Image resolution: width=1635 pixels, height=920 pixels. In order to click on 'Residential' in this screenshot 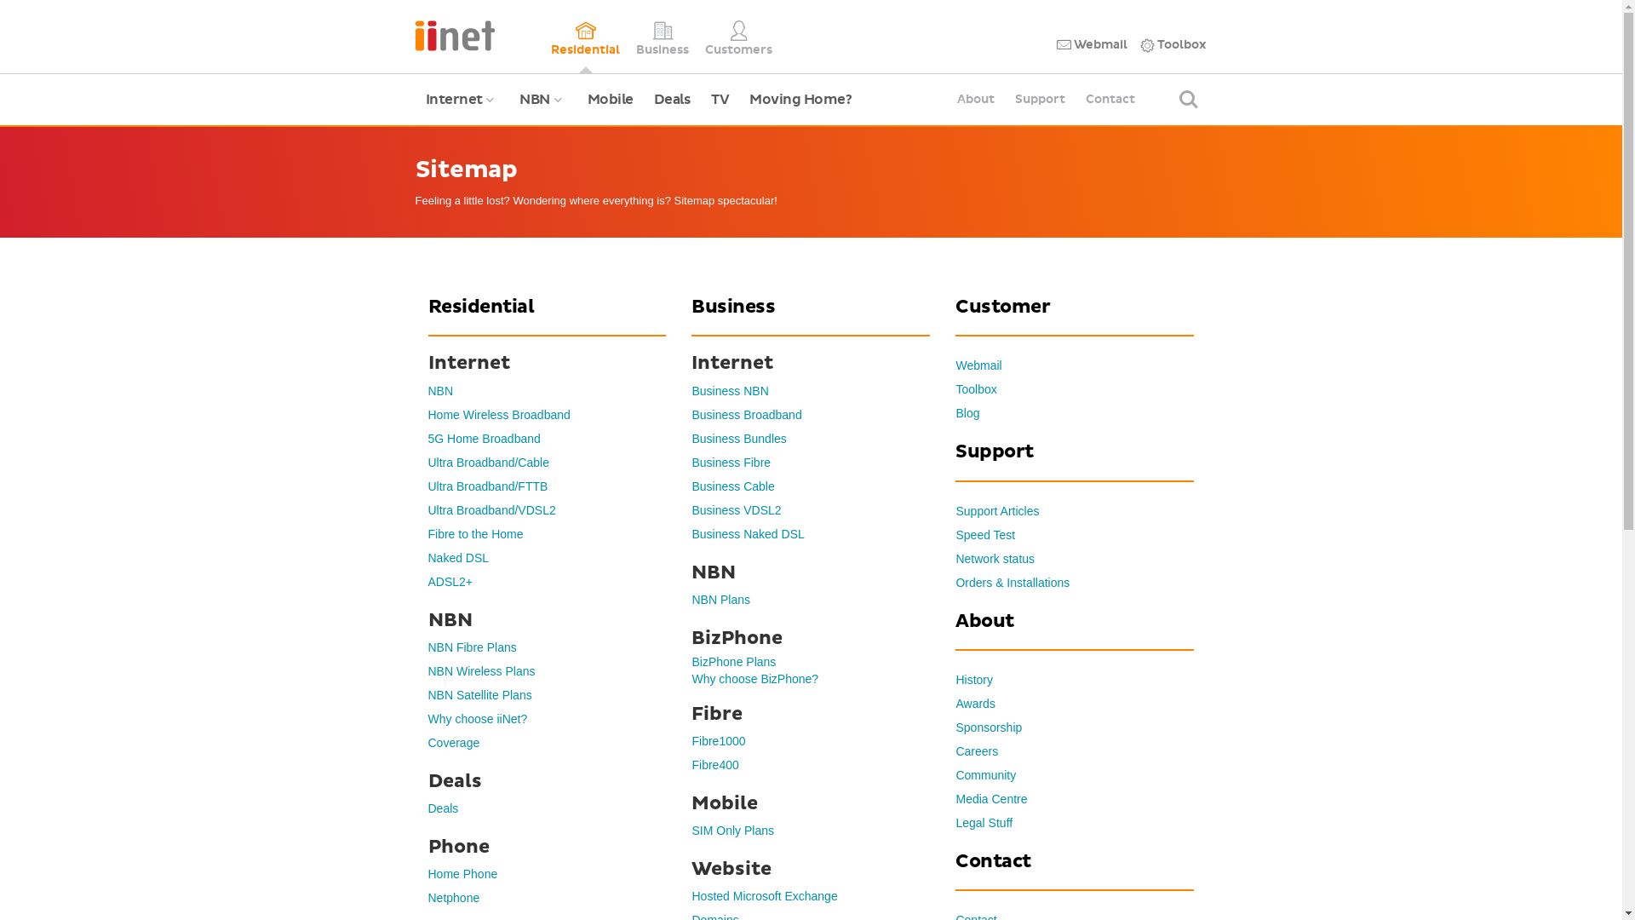, I will do `click(585, 36)`.